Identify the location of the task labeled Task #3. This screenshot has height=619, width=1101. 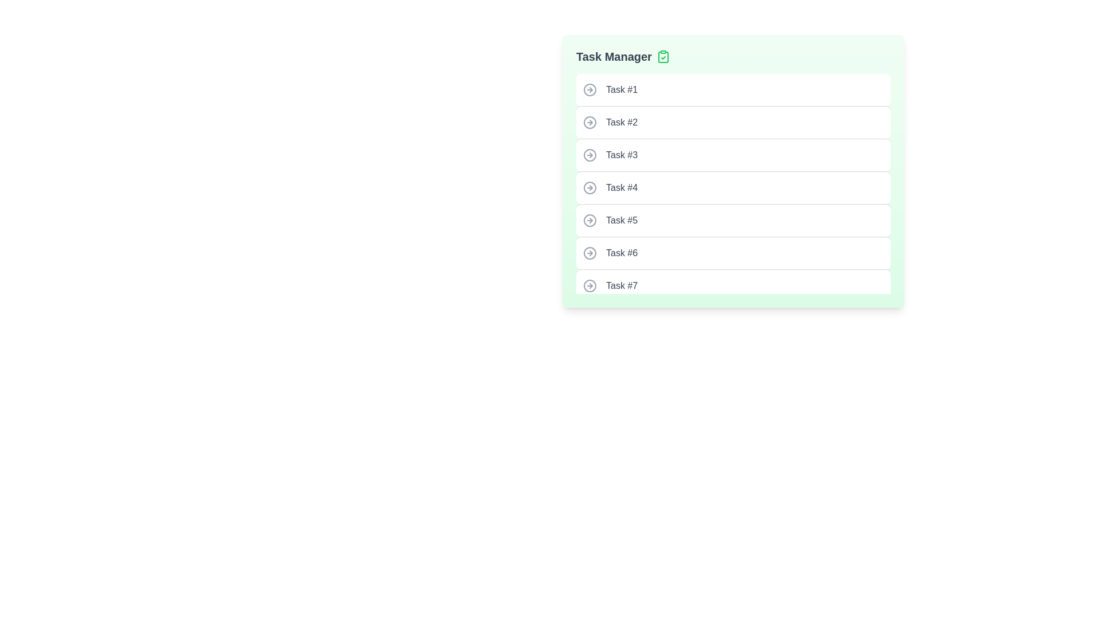
(732, 155).